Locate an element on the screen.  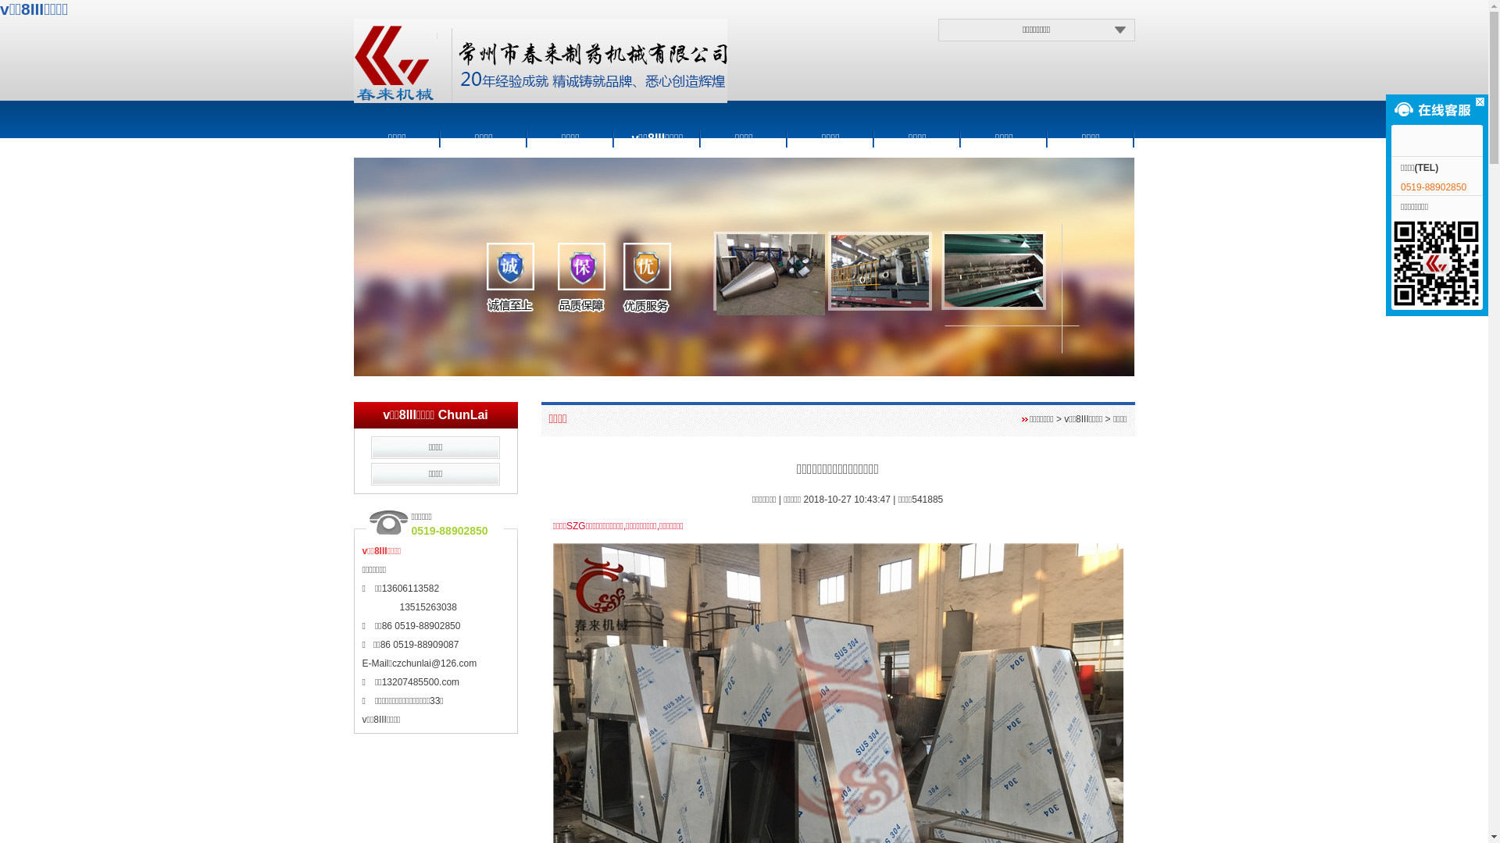
'13207485500.com' is located at coordinates (382, 681).